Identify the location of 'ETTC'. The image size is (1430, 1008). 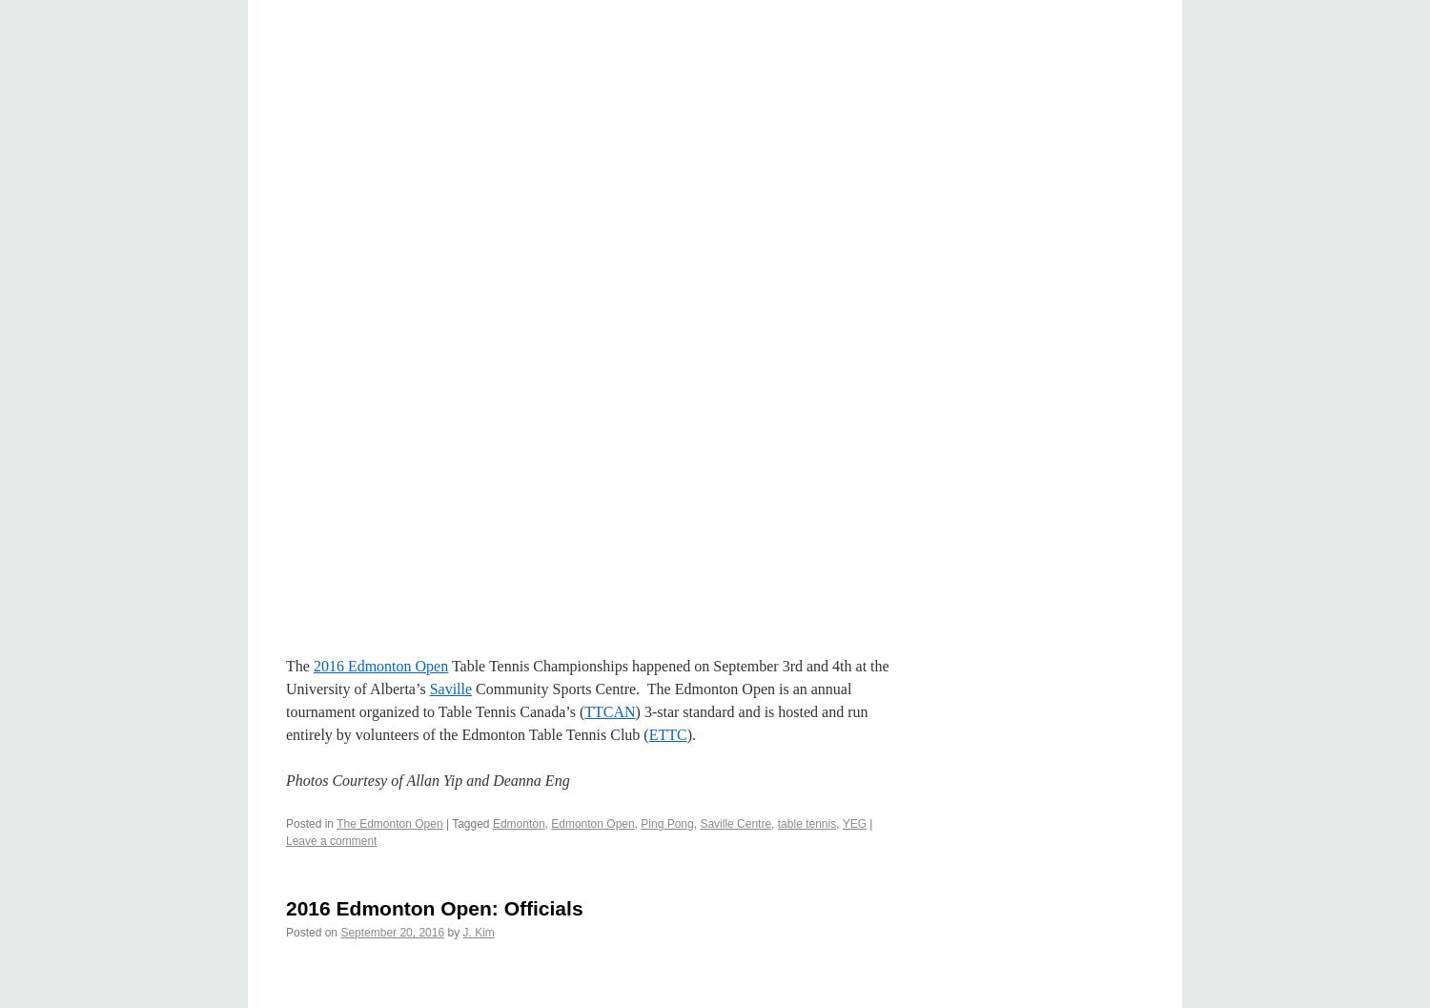
(647, 734).